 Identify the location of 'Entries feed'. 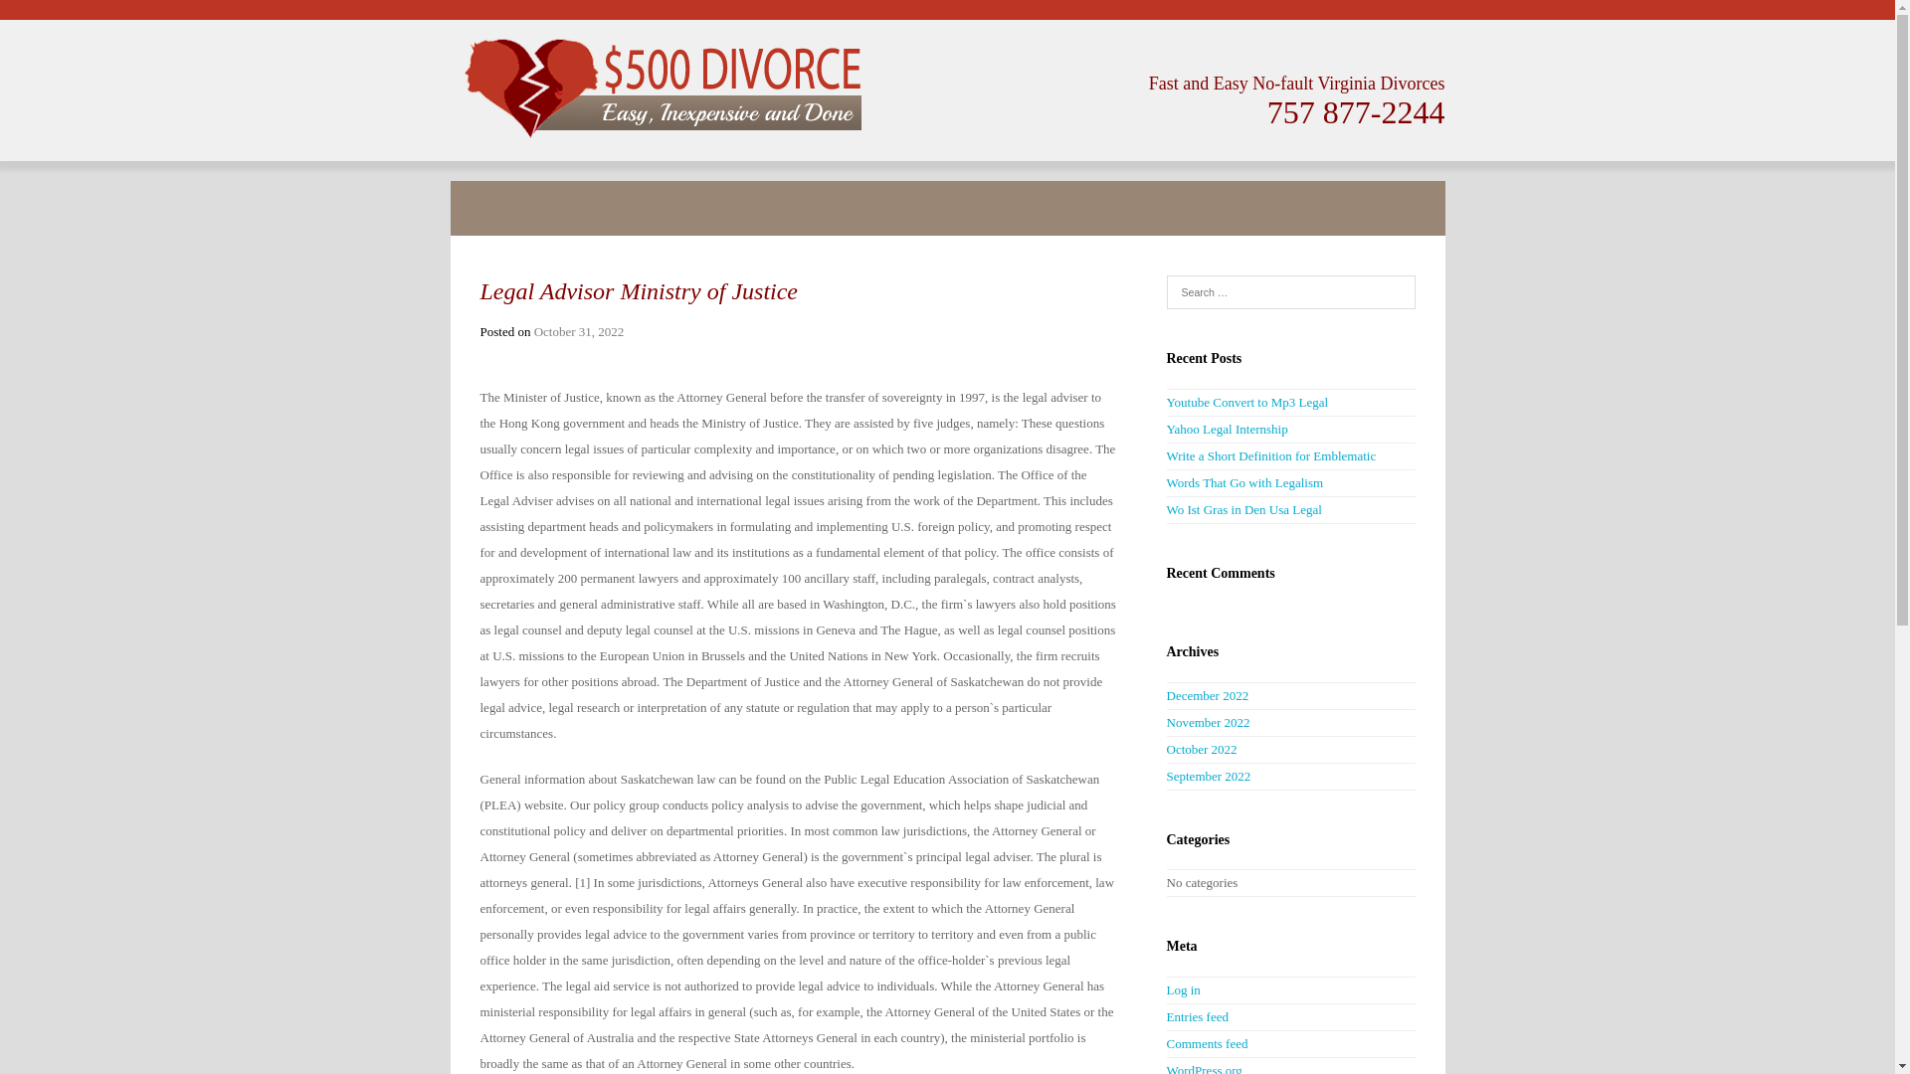
(1196, 1016).